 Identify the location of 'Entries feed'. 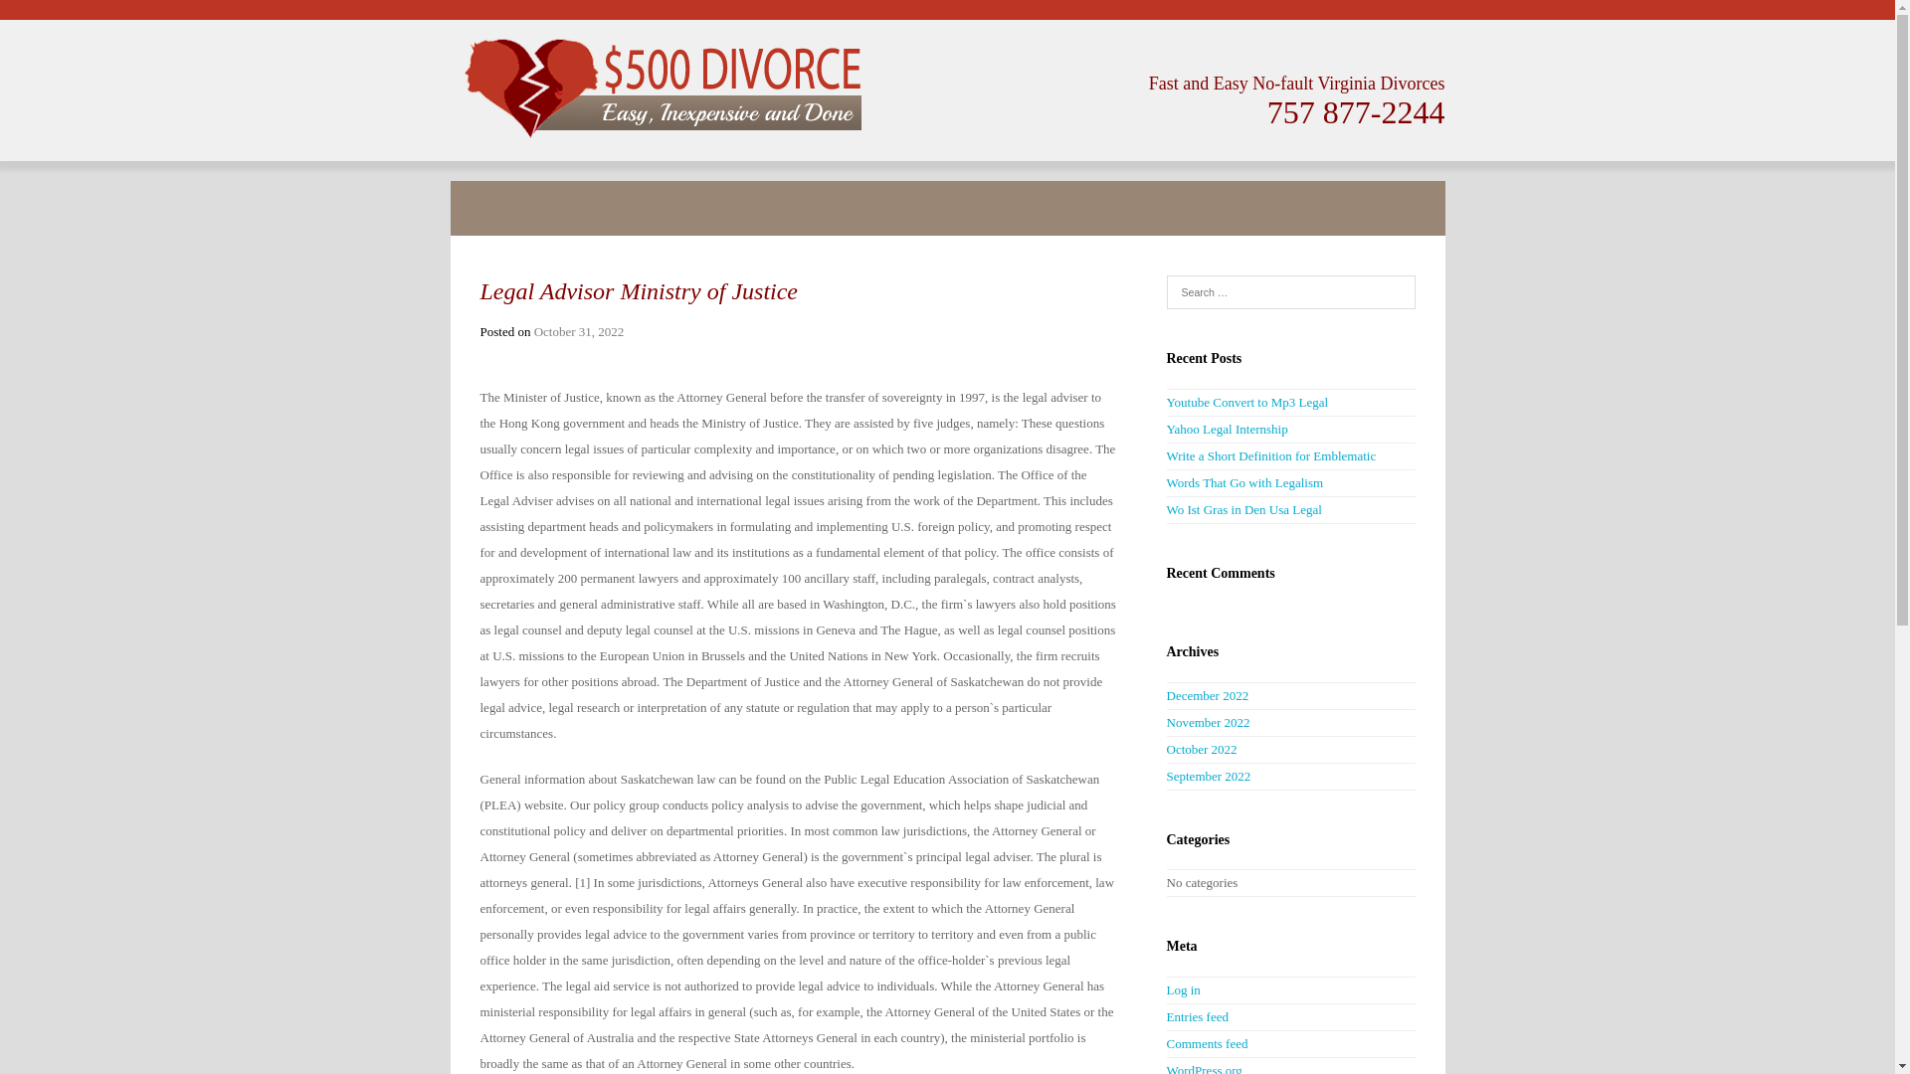
(1196, 1016).